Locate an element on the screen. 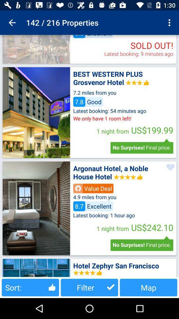 The width and height of the screenshot is (179, 319). the map item is located at coordinates (149, 287).